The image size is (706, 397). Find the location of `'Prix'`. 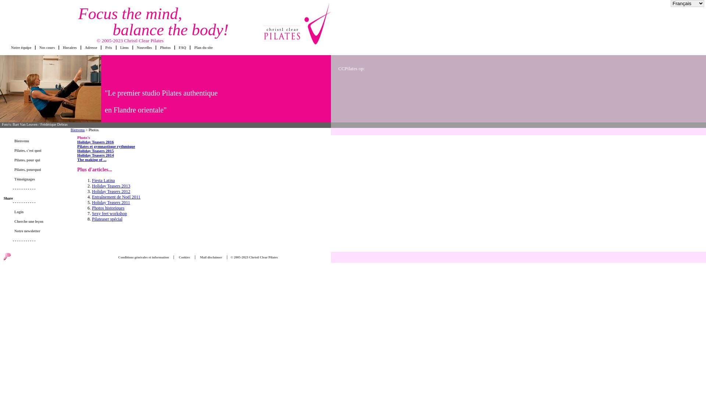

'Prix' is located at coordinates (108, 47).